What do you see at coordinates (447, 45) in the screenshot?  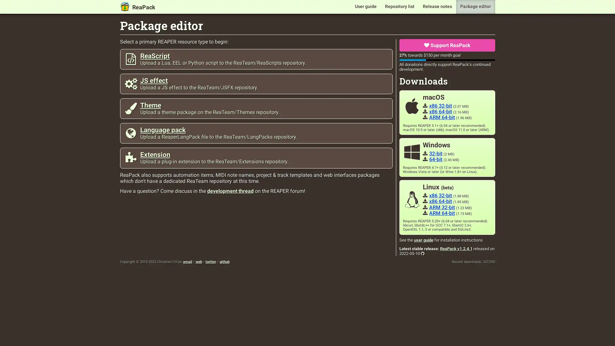 I see `Support ReaPack` at bounding box center [447, 45].